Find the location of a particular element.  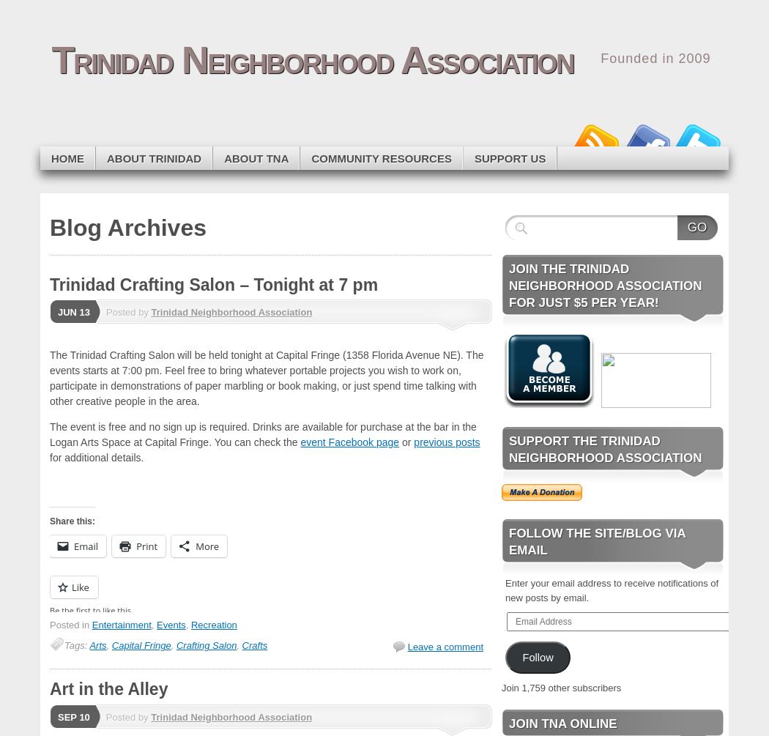

'Recreation' is located at coordinates (212, 624).